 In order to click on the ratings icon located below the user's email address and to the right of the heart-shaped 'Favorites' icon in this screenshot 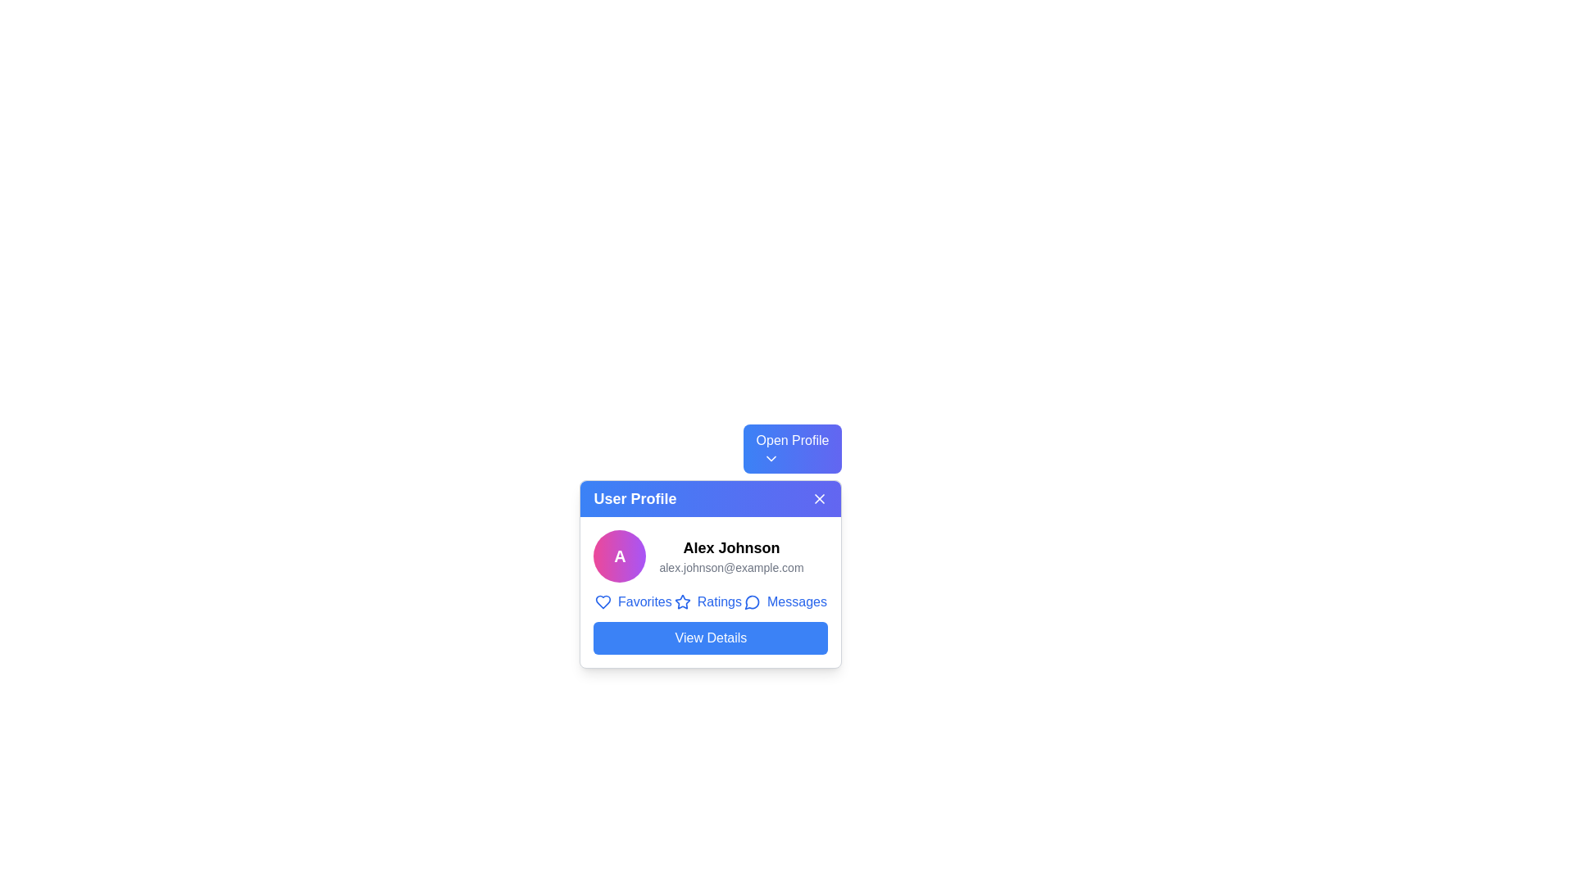, I will do `click(682, 601)`.